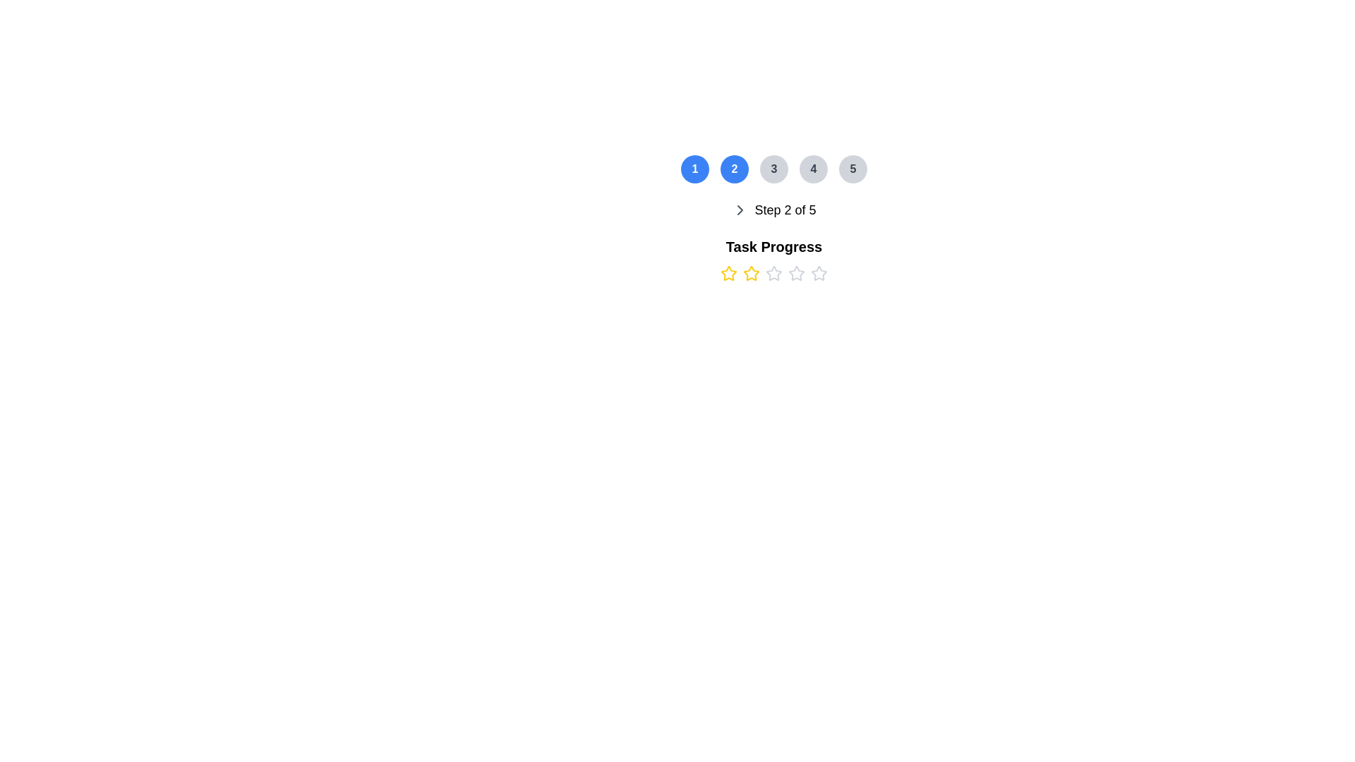 Image resolution: width=1355 pixels, height=762 pixels. I want to click on the fifth star icon in the rating system to signify a rating level, so click(819, 272).